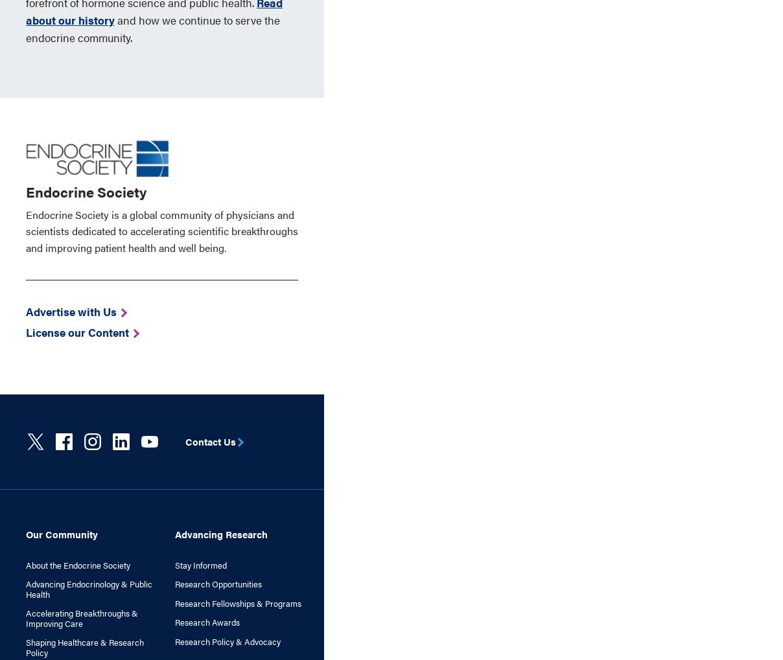 The image size is (783, 660). Describe the element at coordinates (162, 231) in the screenshot. I see `'Endocrine Society is a global community of physicians and scientists dedicated to accelerating scientific breakthroughs and improving patient health and well being.'` at that location.